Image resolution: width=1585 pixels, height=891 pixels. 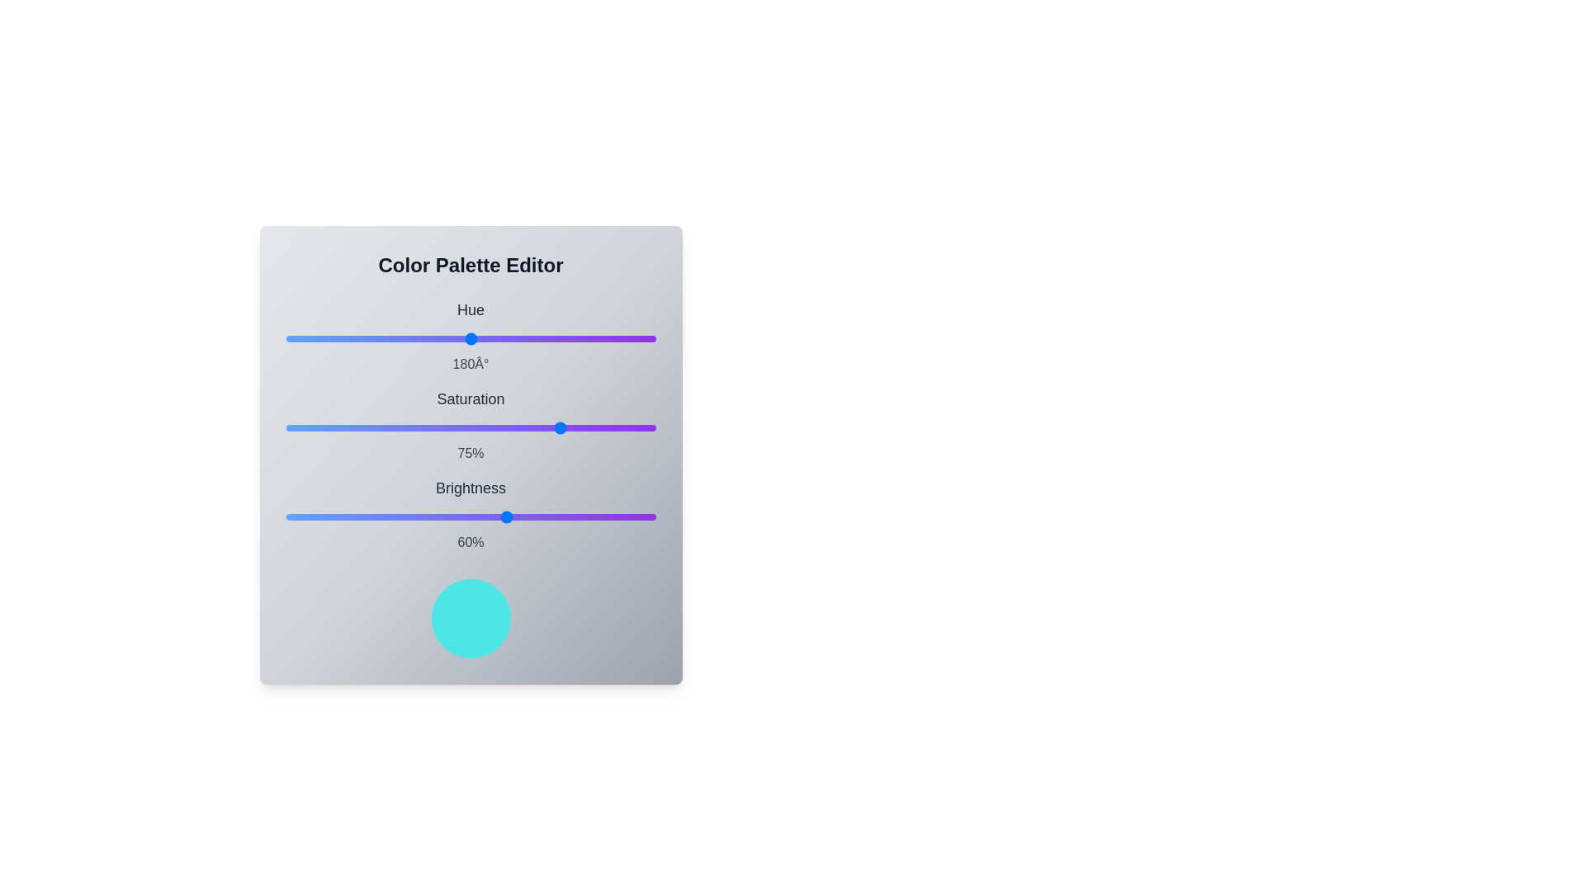 I want to click on the saturation slider to 75%, so click(x=563, y=427).